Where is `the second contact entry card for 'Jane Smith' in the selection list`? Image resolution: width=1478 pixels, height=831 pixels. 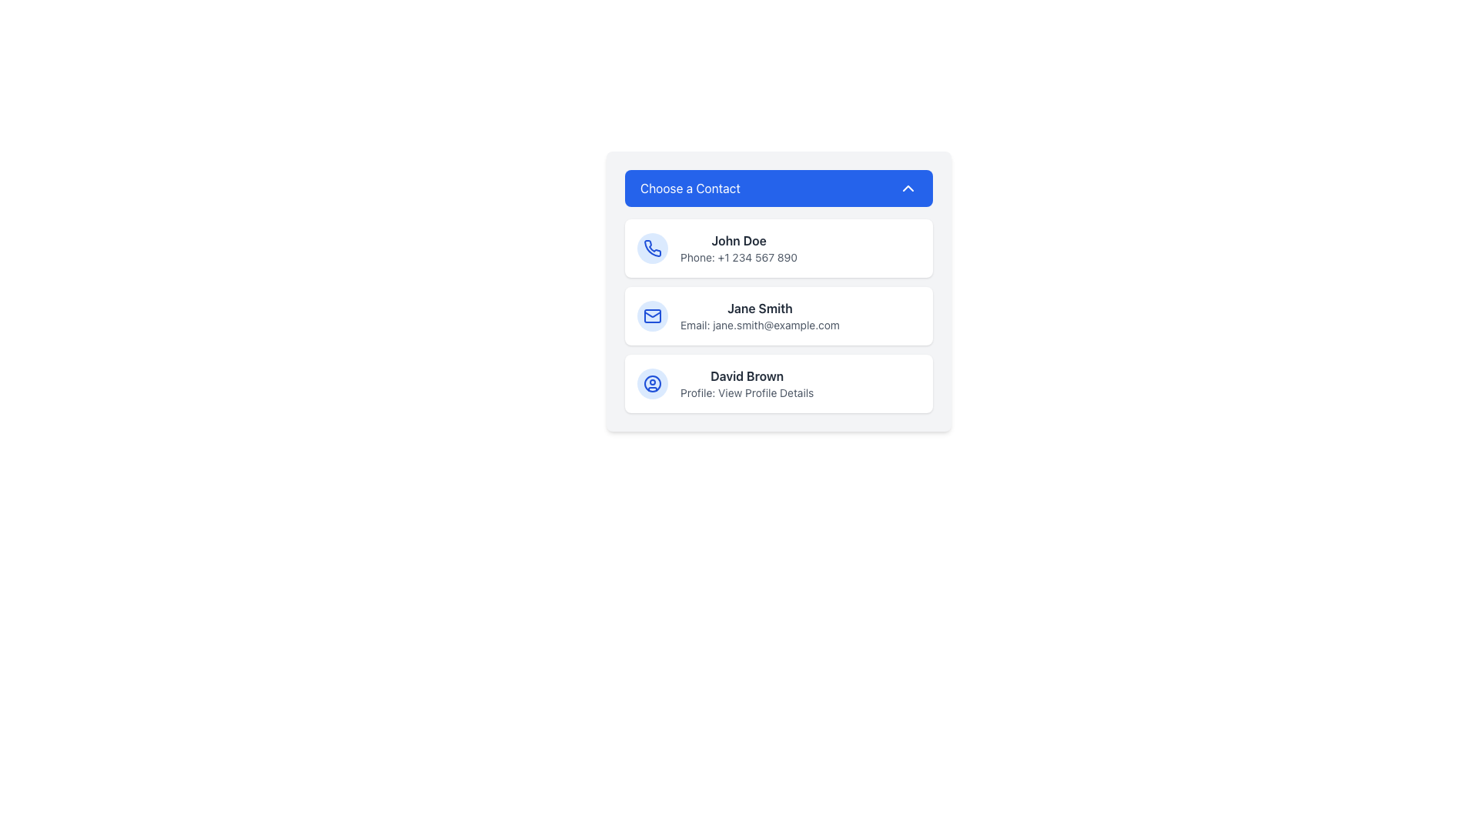 the second contact entry card for 'Jane Smith' in the selection list is located at coordinates (779, 291).